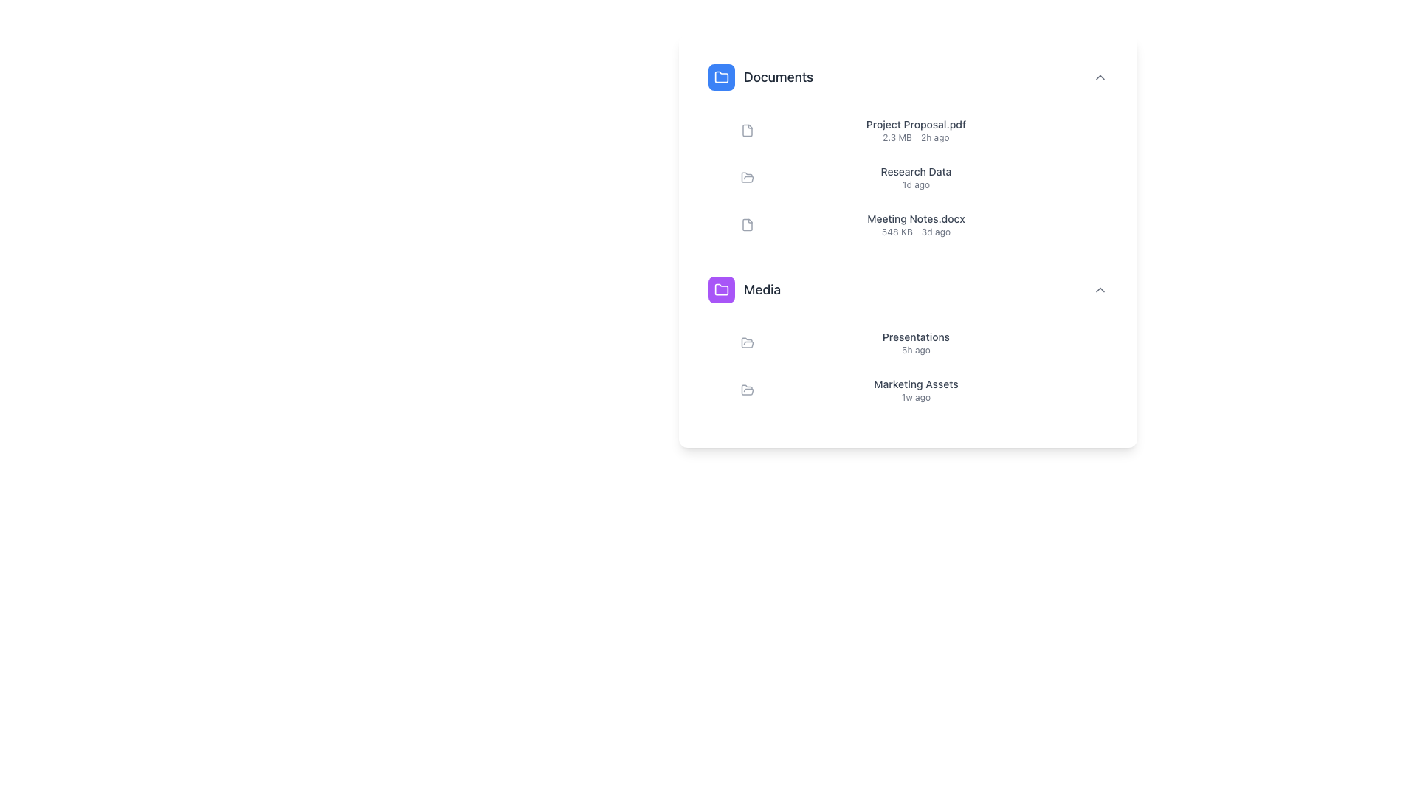  What do you see at coordinates (896, 232) in the screenshot?
I see `displayed file size text of the document 'Meeting Notes.docx', located on the right side of the third row under the 'Documents' section, specifically positioned to the left of the text '3d ago'` at bounding box center [896, 232].